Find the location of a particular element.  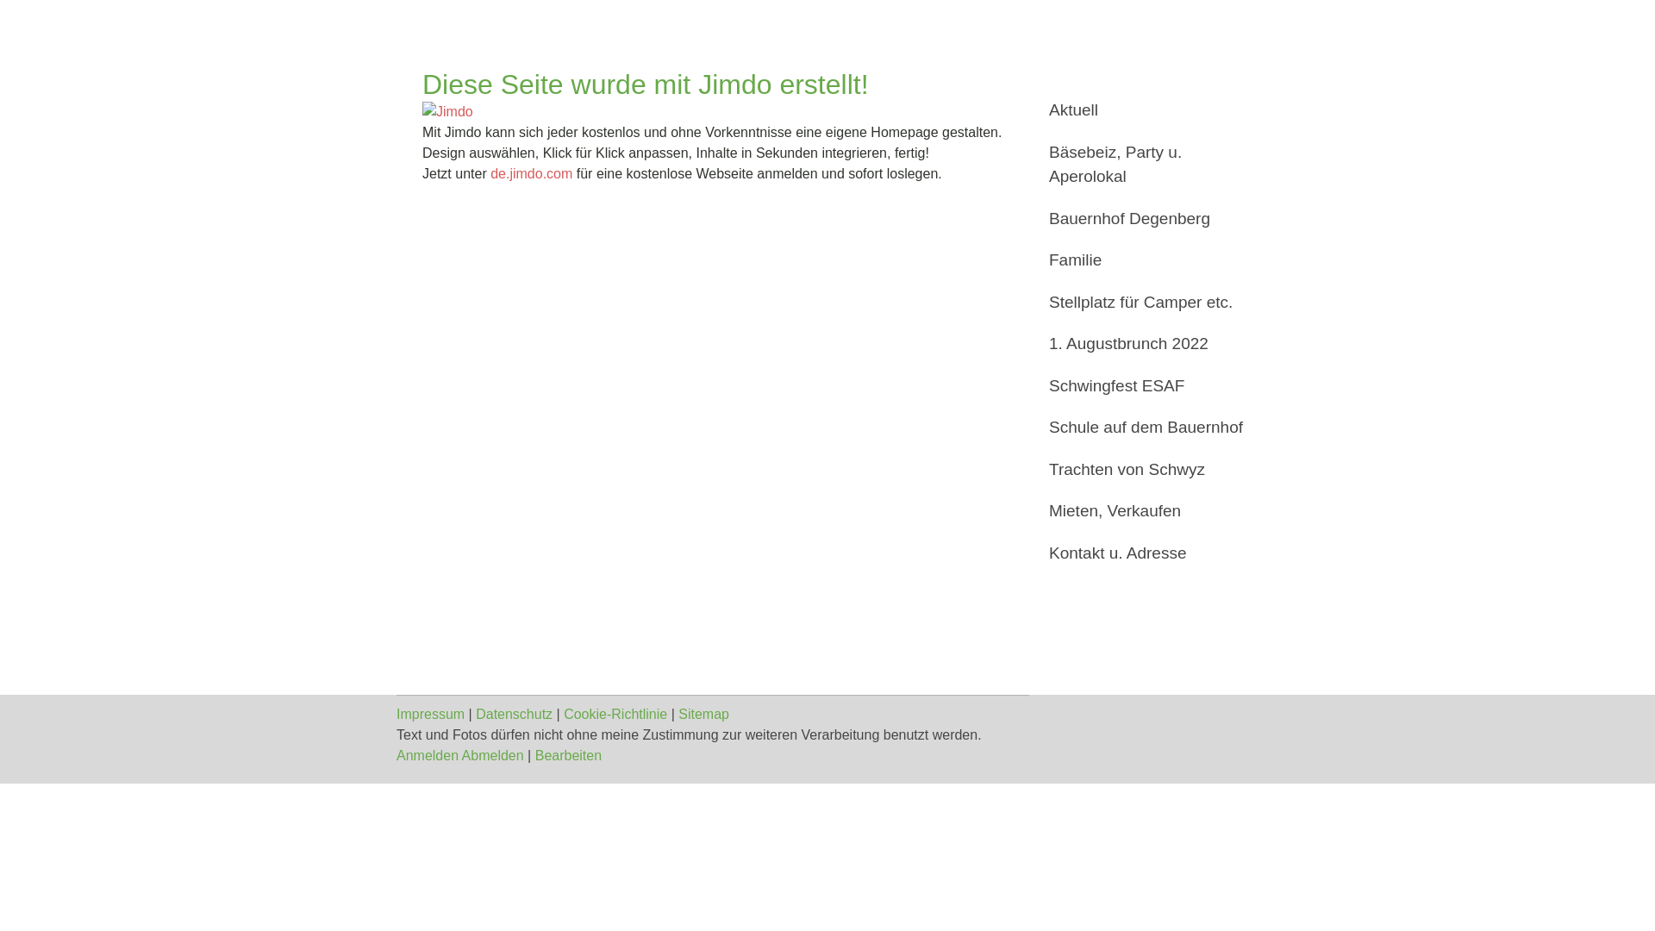

'Jimdo' is located at coordinates (447, 112).